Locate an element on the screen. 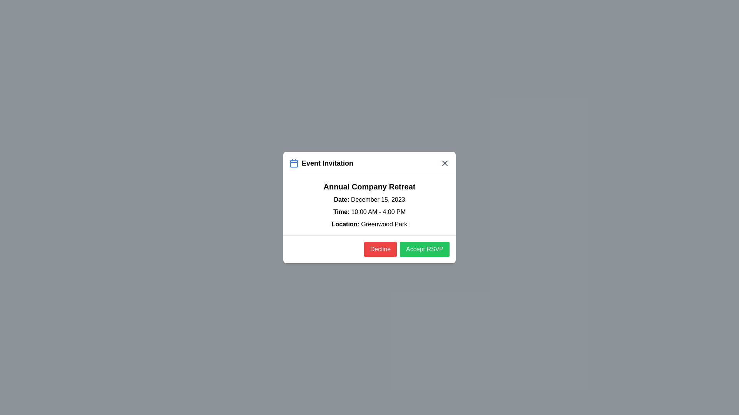 The width and height of the screenshot is (739, 415). the left red 'Decline' button located at the bottom of the event invitation card to reject the invitation is located at coordinates (369, 249).